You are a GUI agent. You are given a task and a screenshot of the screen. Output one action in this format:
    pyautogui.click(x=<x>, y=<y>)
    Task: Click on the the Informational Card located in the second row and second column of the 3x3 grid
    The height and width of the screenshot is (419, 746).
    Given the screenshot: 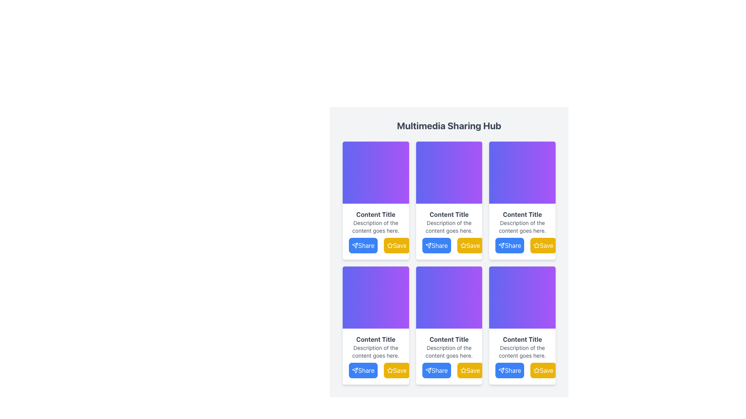 What is the action you would take?
    pyautogui.click(x=449, y=356)
    